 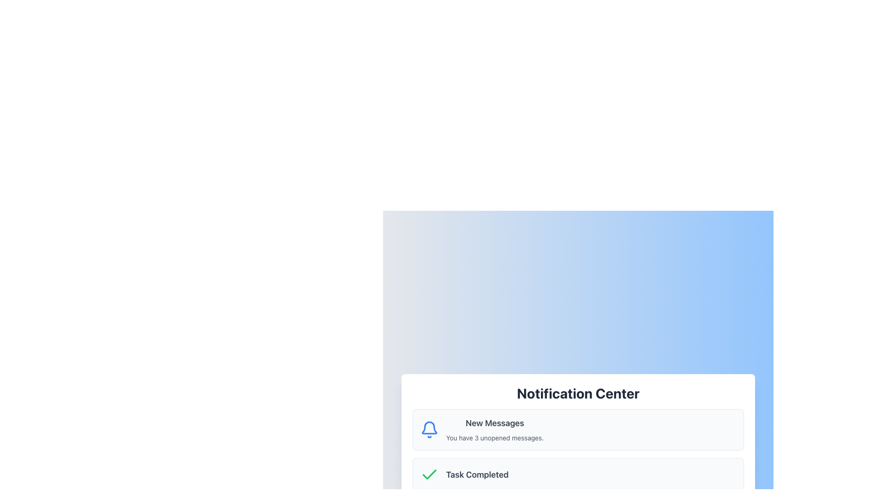 What do you see at coordinates (578, 429) in the screenshot?
I see `the first notification card in the Notification Center to interact with unread messages` at bounding box center [578, 429].